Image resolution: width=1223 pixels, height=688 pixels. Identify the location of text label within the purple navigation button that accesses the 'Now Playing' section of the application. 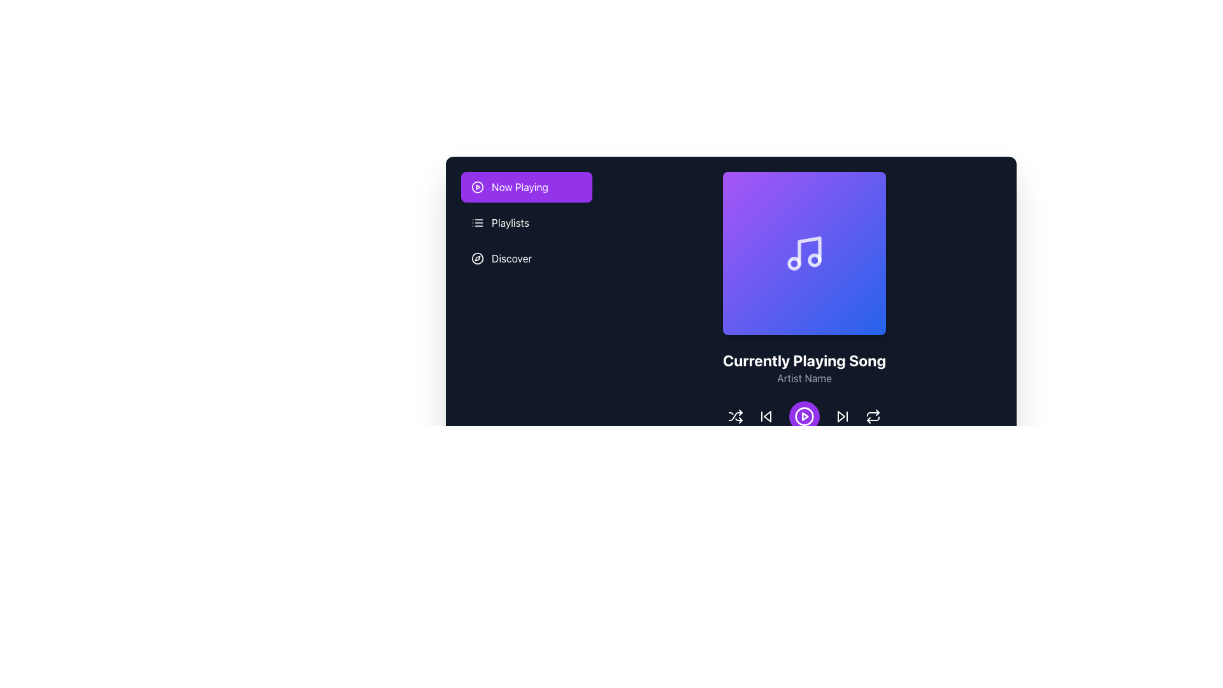
(520, 187).